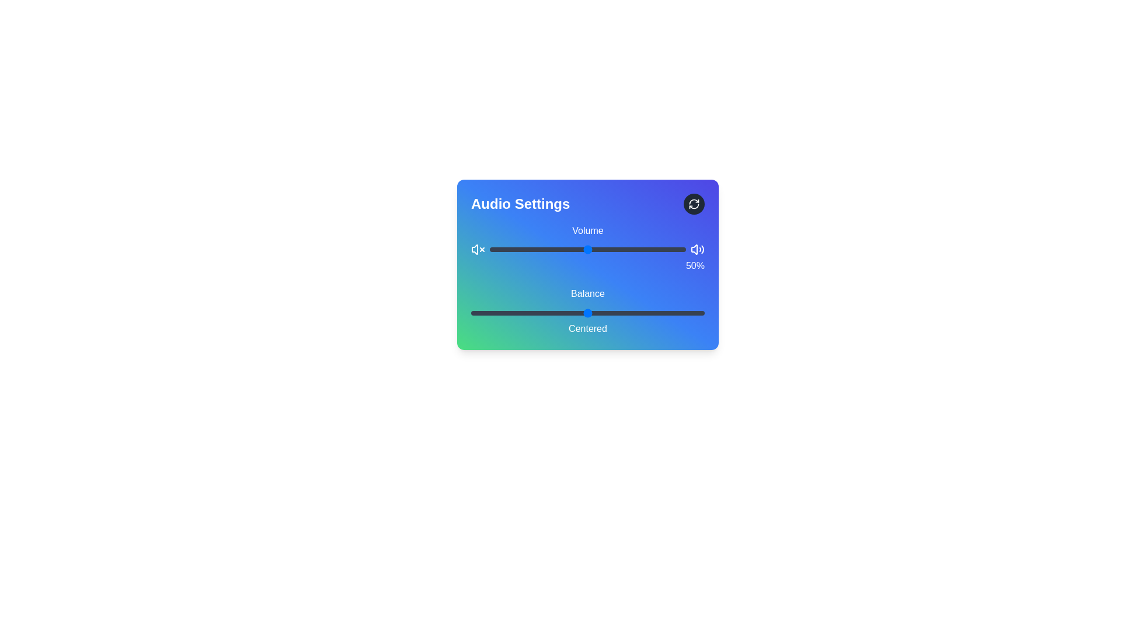 This screenshot has width=1121, height=630. I want to click on the balance slider, so click(647, 312).